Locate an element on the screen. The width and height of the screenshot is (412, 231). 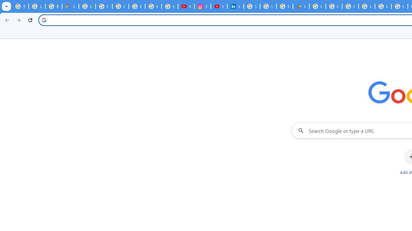
'YouTube Culture & Trends - On The Rise: Handcam Videos' is located at coordinates (219, 6).